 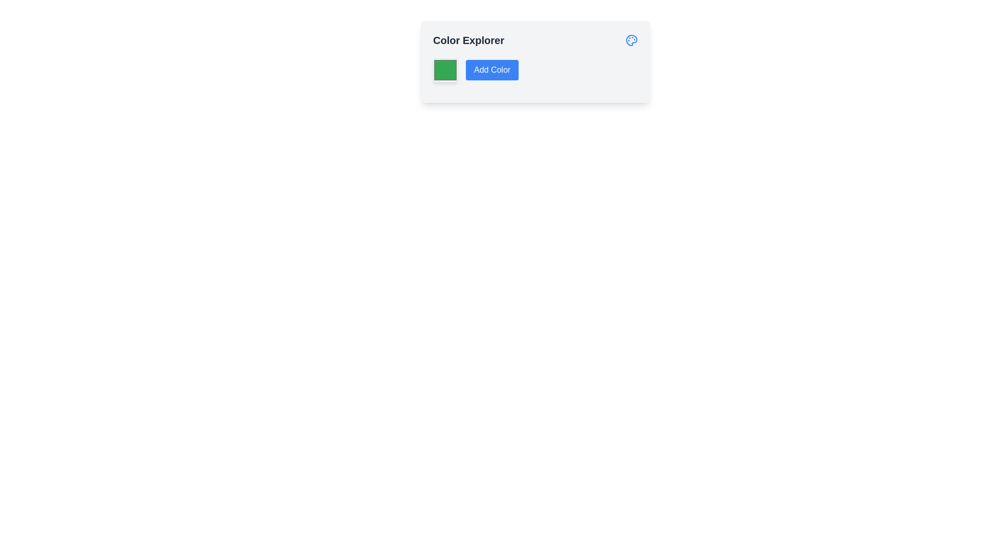 I want to click on the background shape of the color palette icon located in the top right corner of the 'Color Explorer' card, so click(x=631, y=39).